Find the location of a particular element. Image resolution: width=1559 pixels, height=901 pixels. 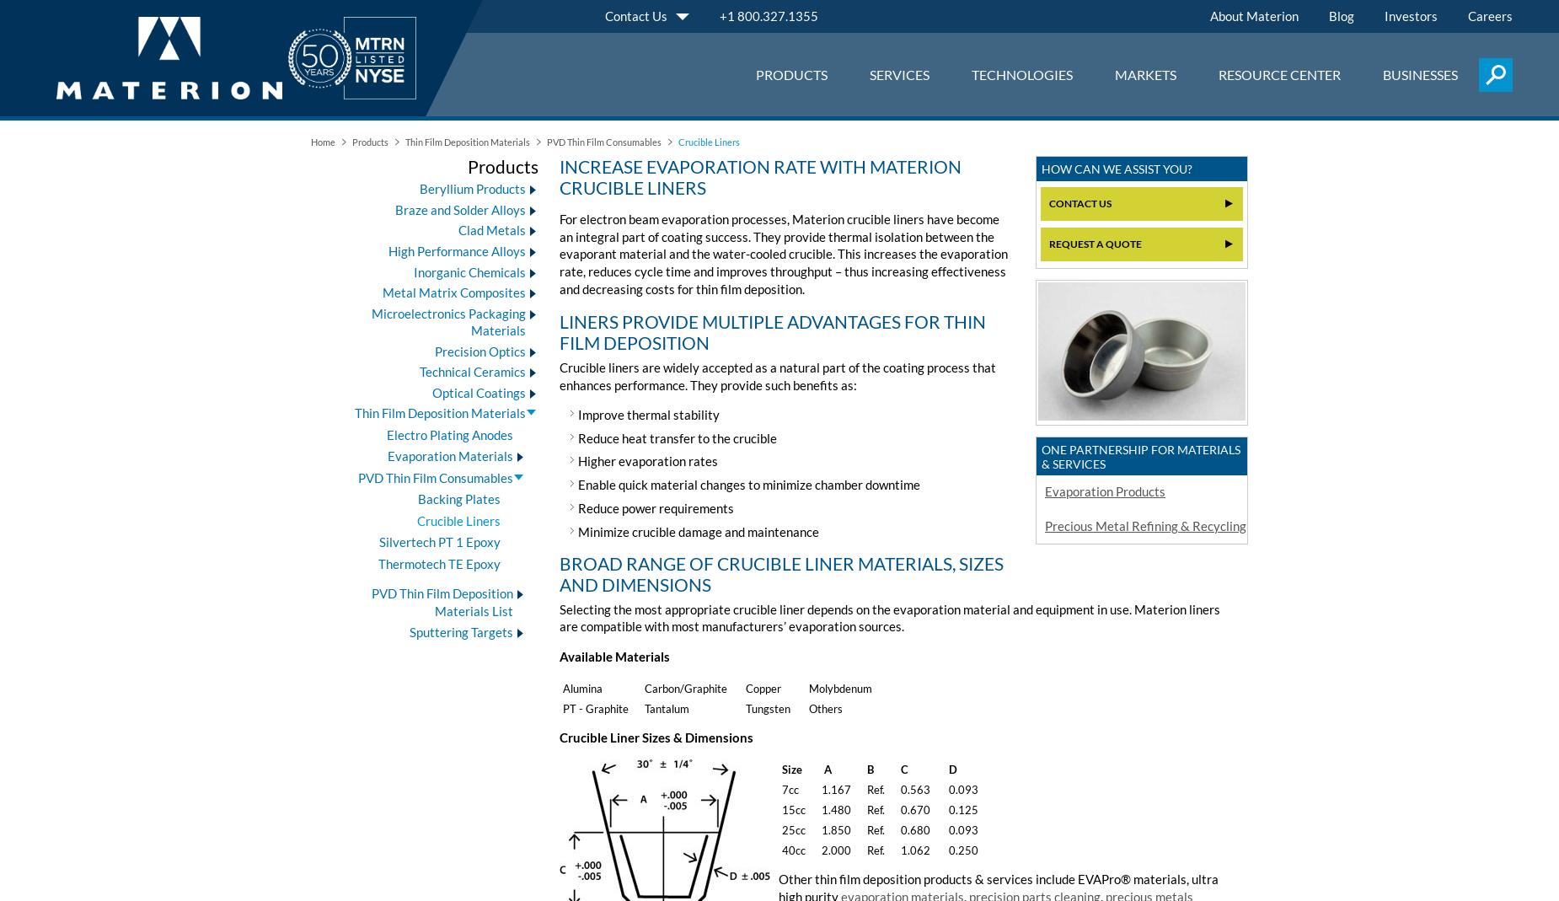

'High Performance Alloys' is located at coordinates (457, 249).